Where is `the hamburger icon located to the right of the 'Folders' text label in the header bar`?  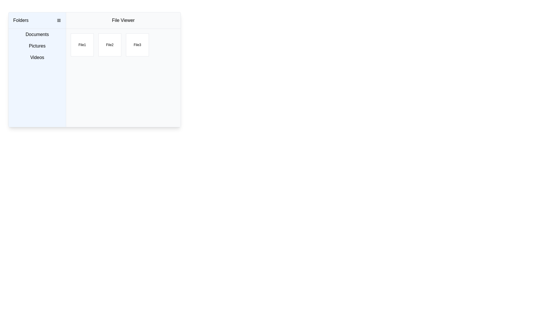 the hamburger icon located to the right of the 'Folders' text label in the header bar is located at coordinates (59, 20).